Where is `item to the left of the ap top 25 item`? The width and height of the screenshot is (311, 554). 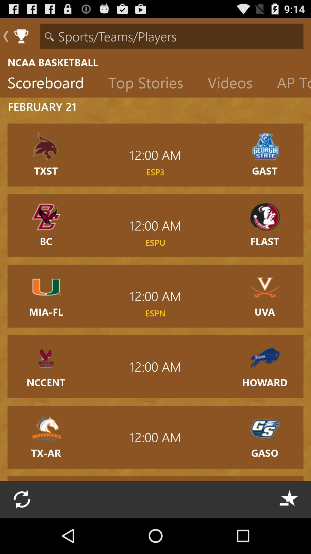
item to the left of the ap top 25 item is located at coordinates (234, 84).